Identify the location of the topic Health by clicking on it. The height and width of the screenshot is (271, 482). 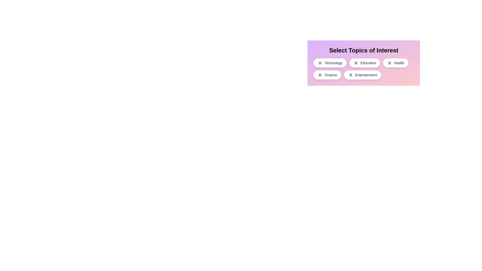
(395, 62).